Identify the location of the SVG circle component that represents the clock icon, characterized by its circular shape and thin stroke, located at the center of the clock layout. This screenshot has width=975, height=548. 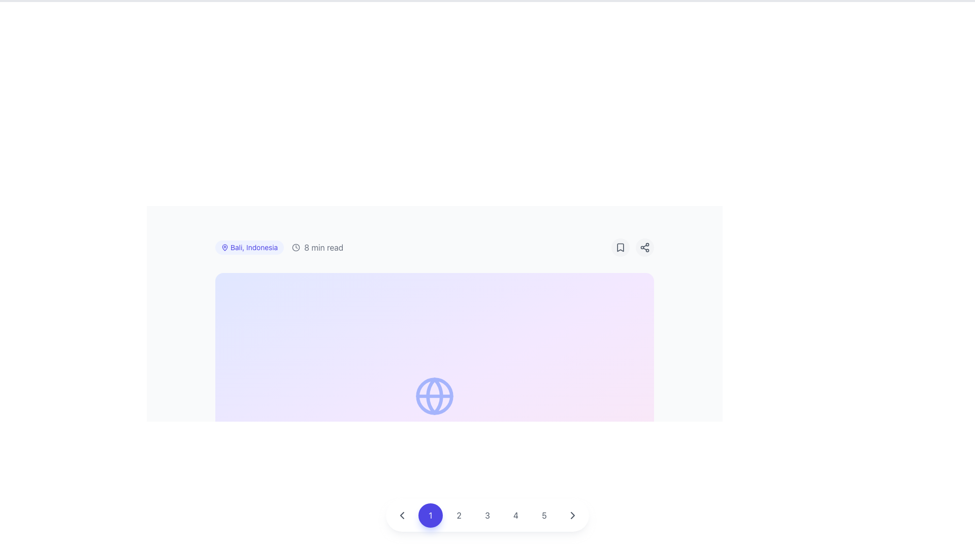
(296, 248).